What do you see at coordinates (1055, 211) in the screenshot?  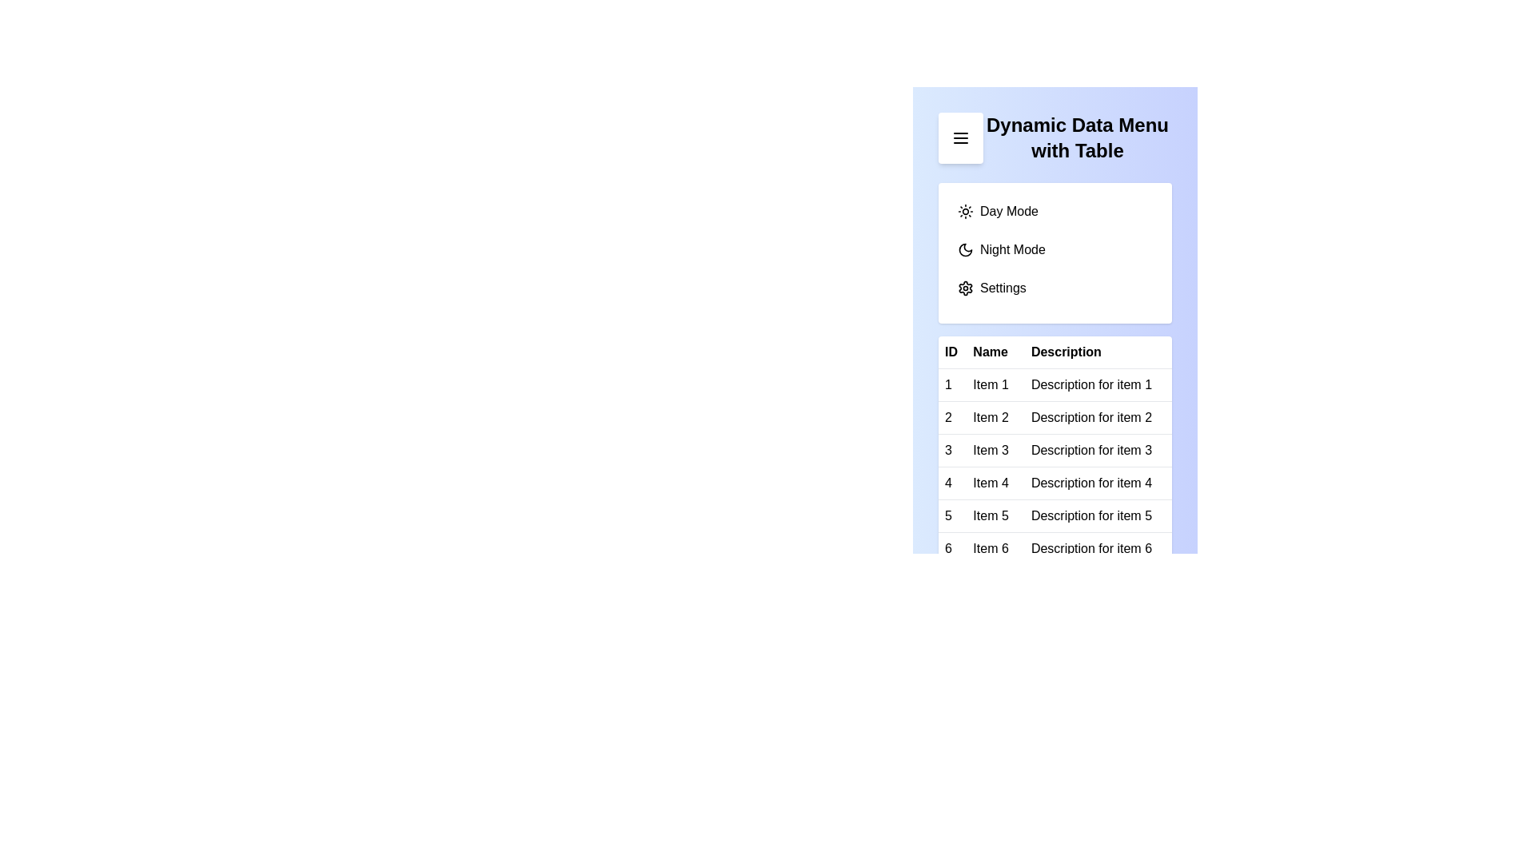 I see `the 'Day Mode' button` at bounding box center [1055, 211].